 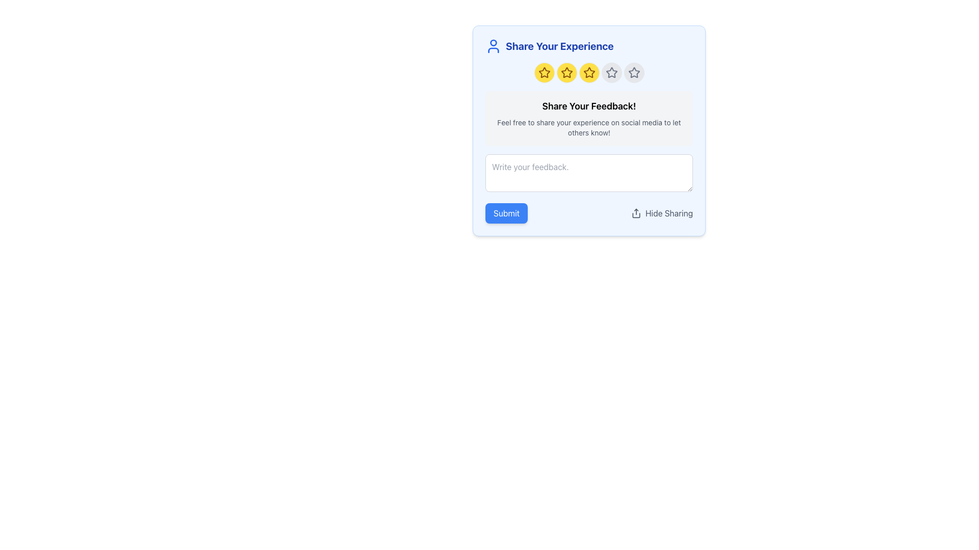 What do you see at coordinates (633, 72) in the screenshot?
I see `the fifth star icon in the rating component` at bounding box center [633, 72].